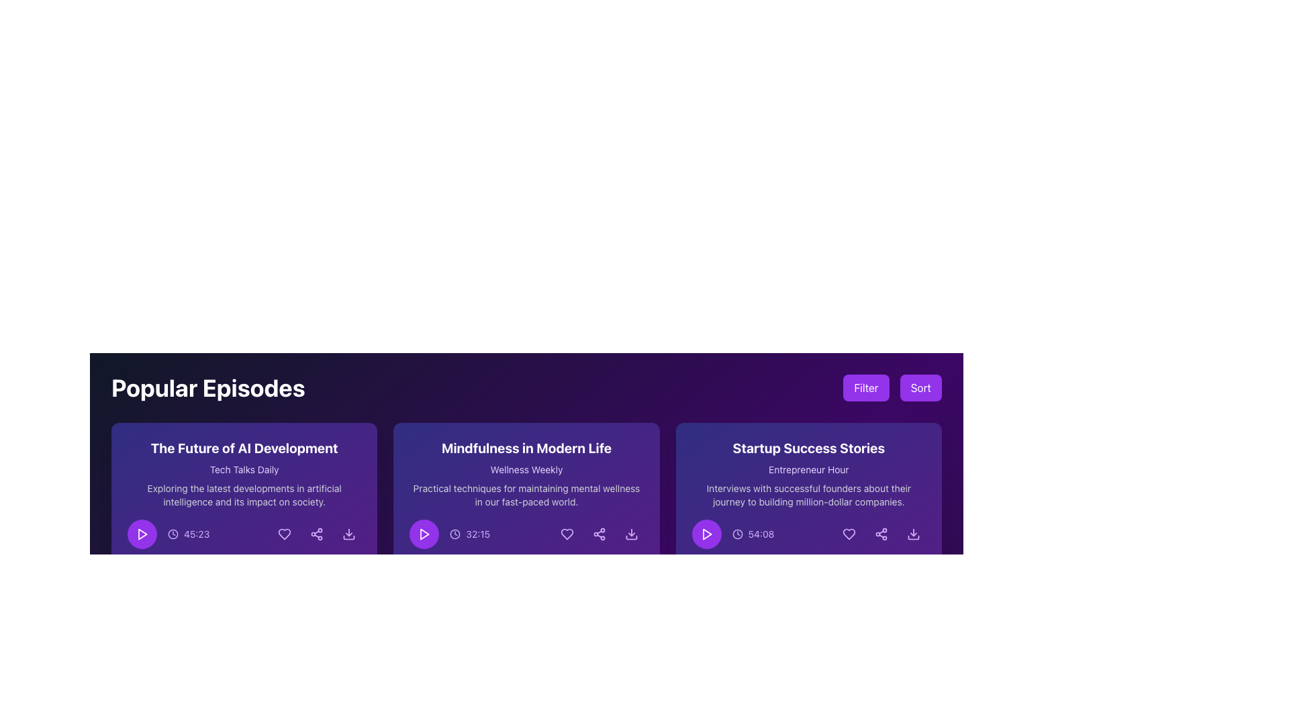 The height and width of the screenshot is (725, 1289). I want to click on the heart icon that indicates a 'favorite' or 'like' function within the 'Startup Success Stories' card, positioned to the right of the play button, so click(849, 533).